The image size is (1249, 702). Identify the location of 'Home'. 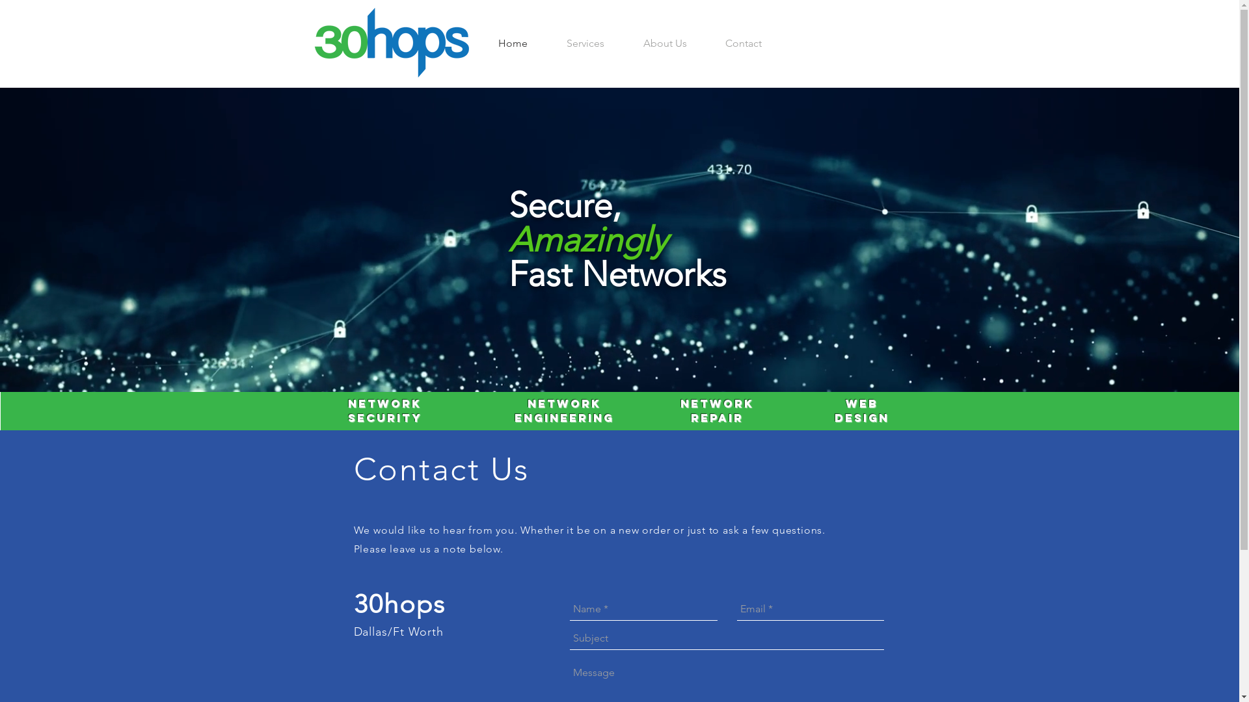
(512, 42).